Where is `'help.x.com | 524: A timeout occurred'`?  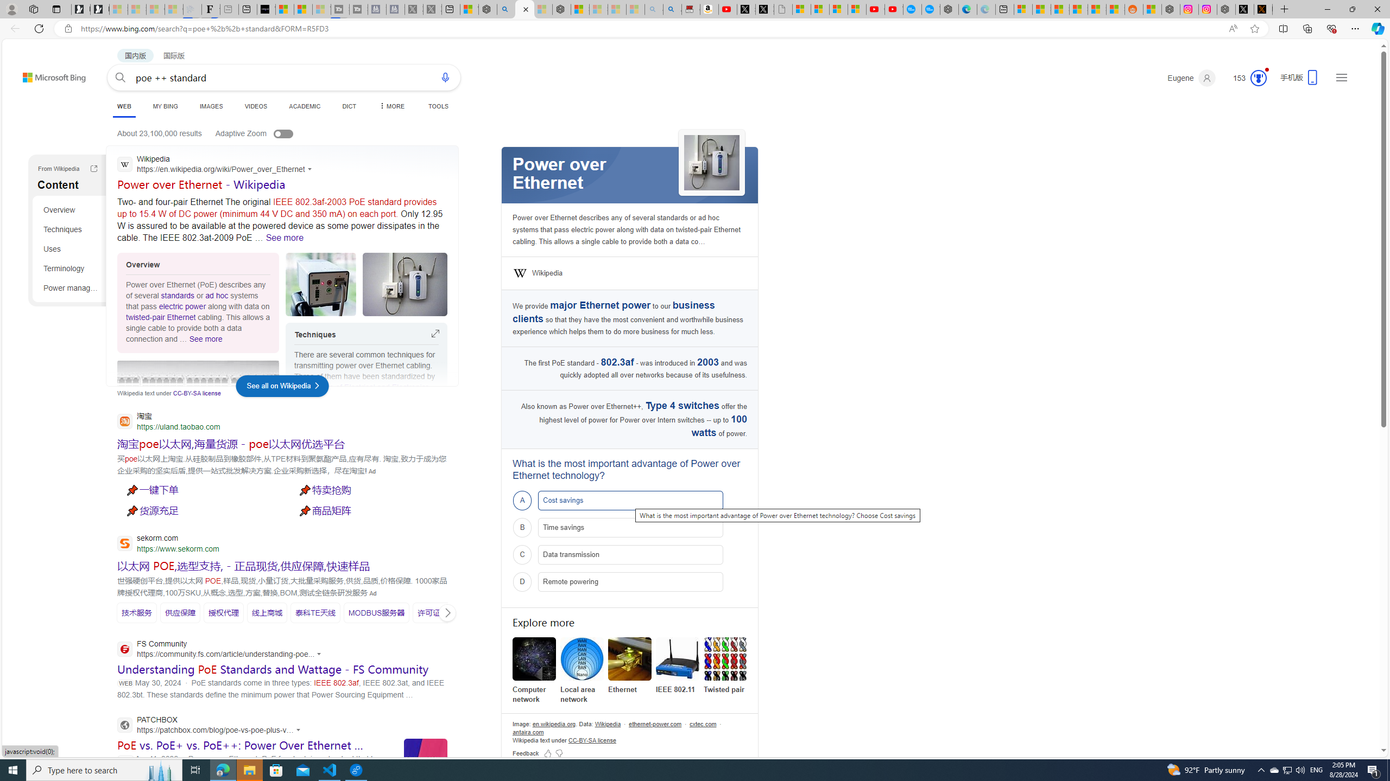
'help.x.com | 524: A timeout occurred' is located at coordinates (1263, 9).